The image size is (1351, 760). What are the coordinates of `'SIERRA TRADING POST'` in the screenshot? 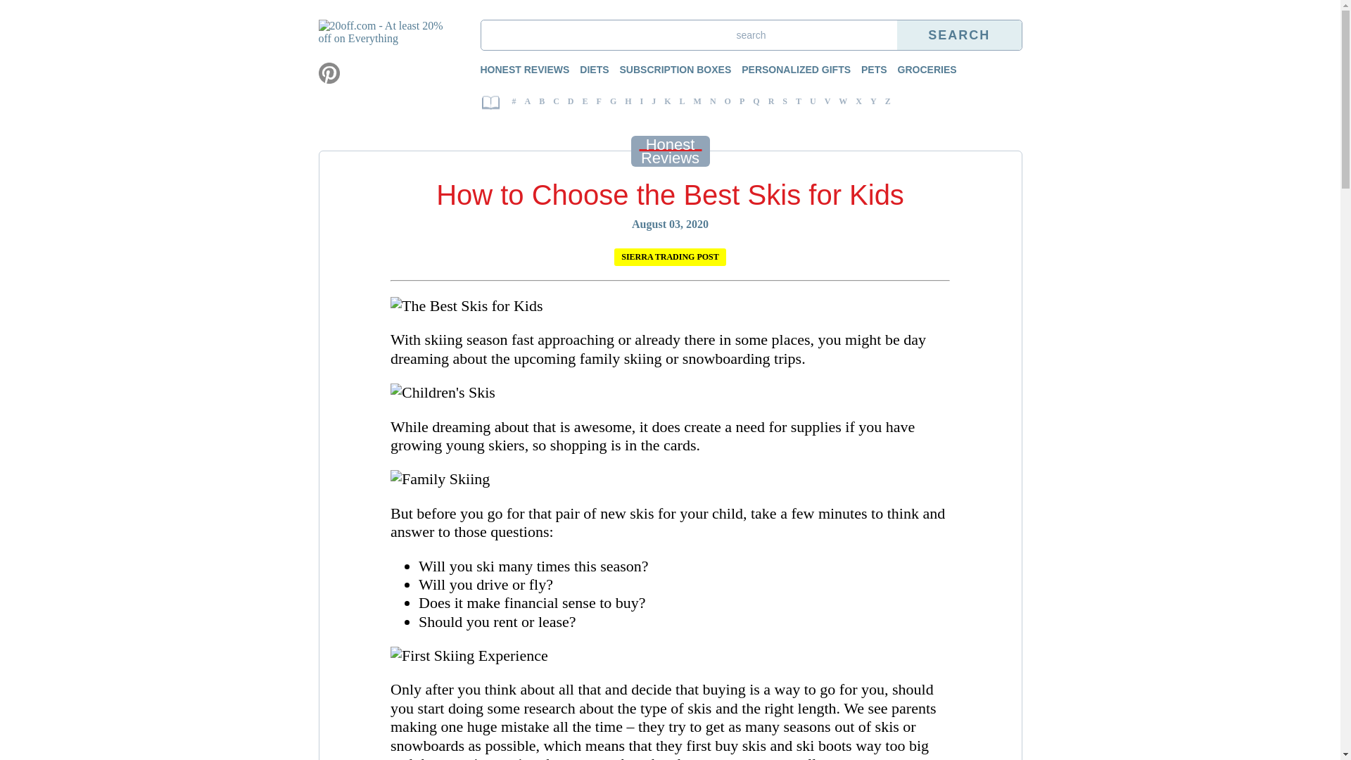 It's located at (668, 257).